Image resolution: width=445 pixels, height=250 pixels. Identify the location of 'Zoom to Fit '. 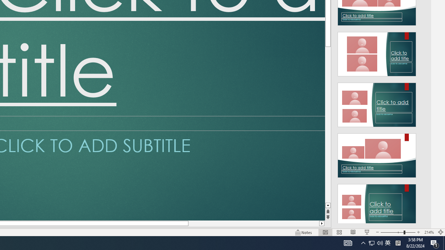
(440, 232).